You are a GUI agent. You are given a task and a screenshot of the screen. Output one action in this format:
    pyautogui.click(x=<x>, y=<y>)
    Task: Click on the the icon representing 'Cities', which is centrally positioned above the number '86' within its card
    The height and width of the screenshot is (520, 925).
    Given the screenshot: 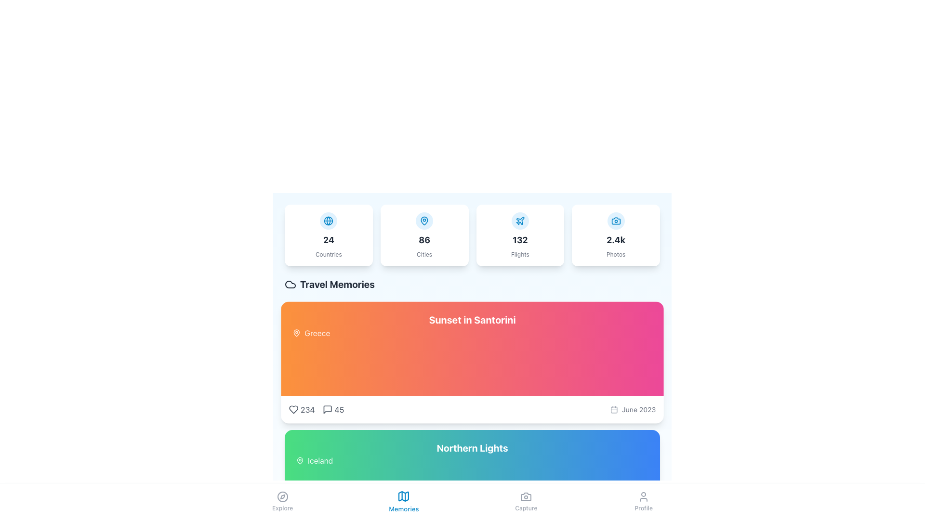 What is the action you would take?
    pyautogui.click(x=424, y=221)
    